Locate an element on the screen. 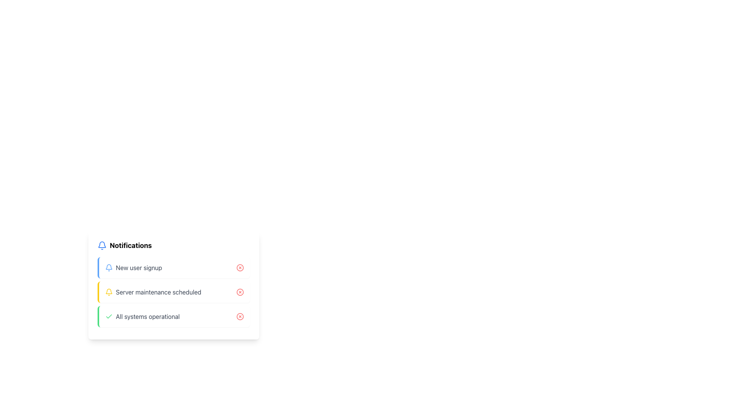 Image resolution: width=732 pixels, height=412 pixels. the first notification item in the vertically stacked list is located at coordinates (133, 267).